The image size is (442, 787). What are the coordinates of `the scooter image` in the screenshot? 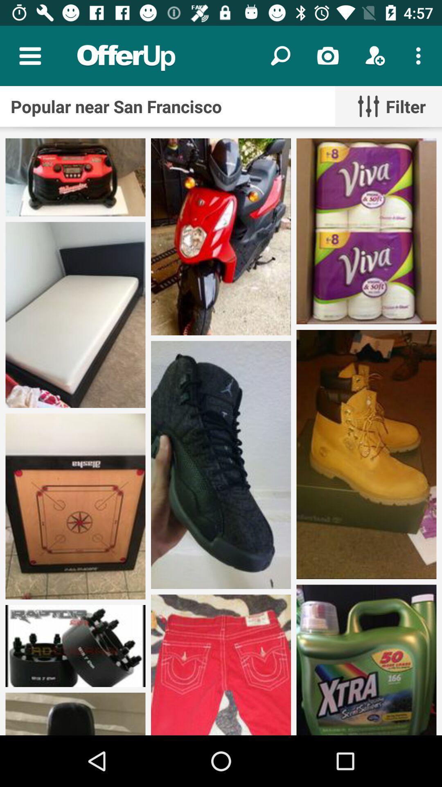 It's located at (221, 236).